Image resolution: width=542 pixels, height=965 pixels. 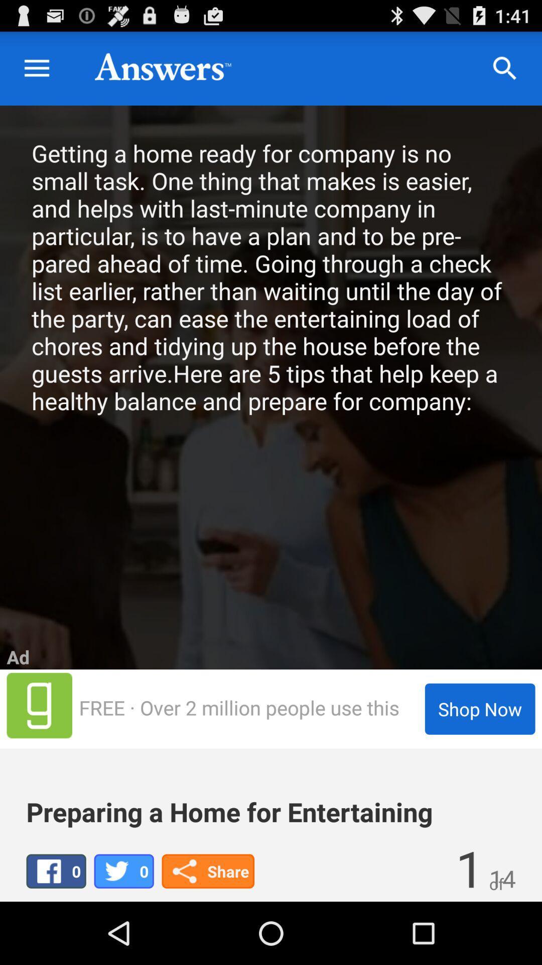 I want to click on the menu icon, so click(x=36, y=73).